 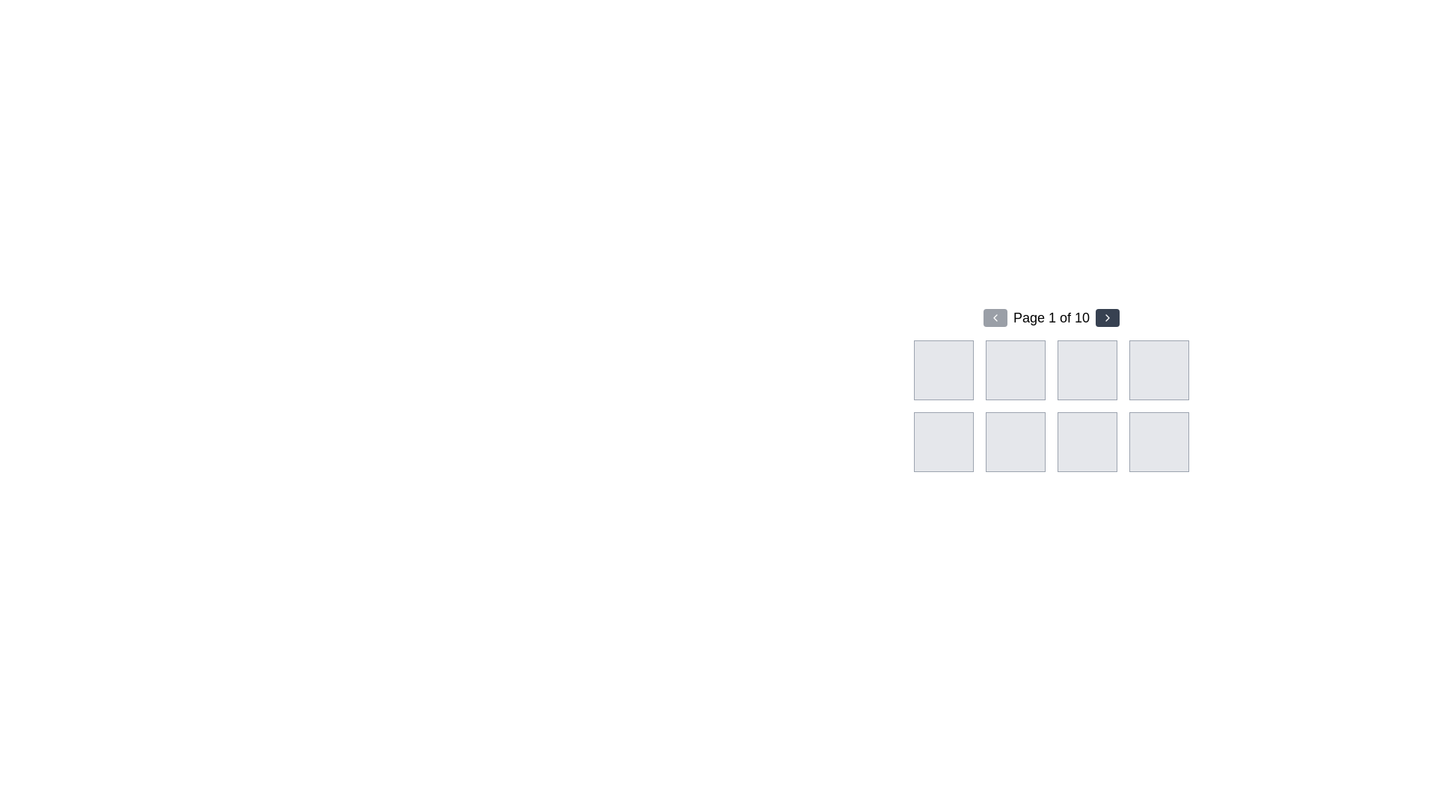 What do you see at coordinates (1051, 316) in the screenshot?
I see `text displayed in the pagination control bar that indicates the current page number and total pages available` at bounding box center [1051, 316].